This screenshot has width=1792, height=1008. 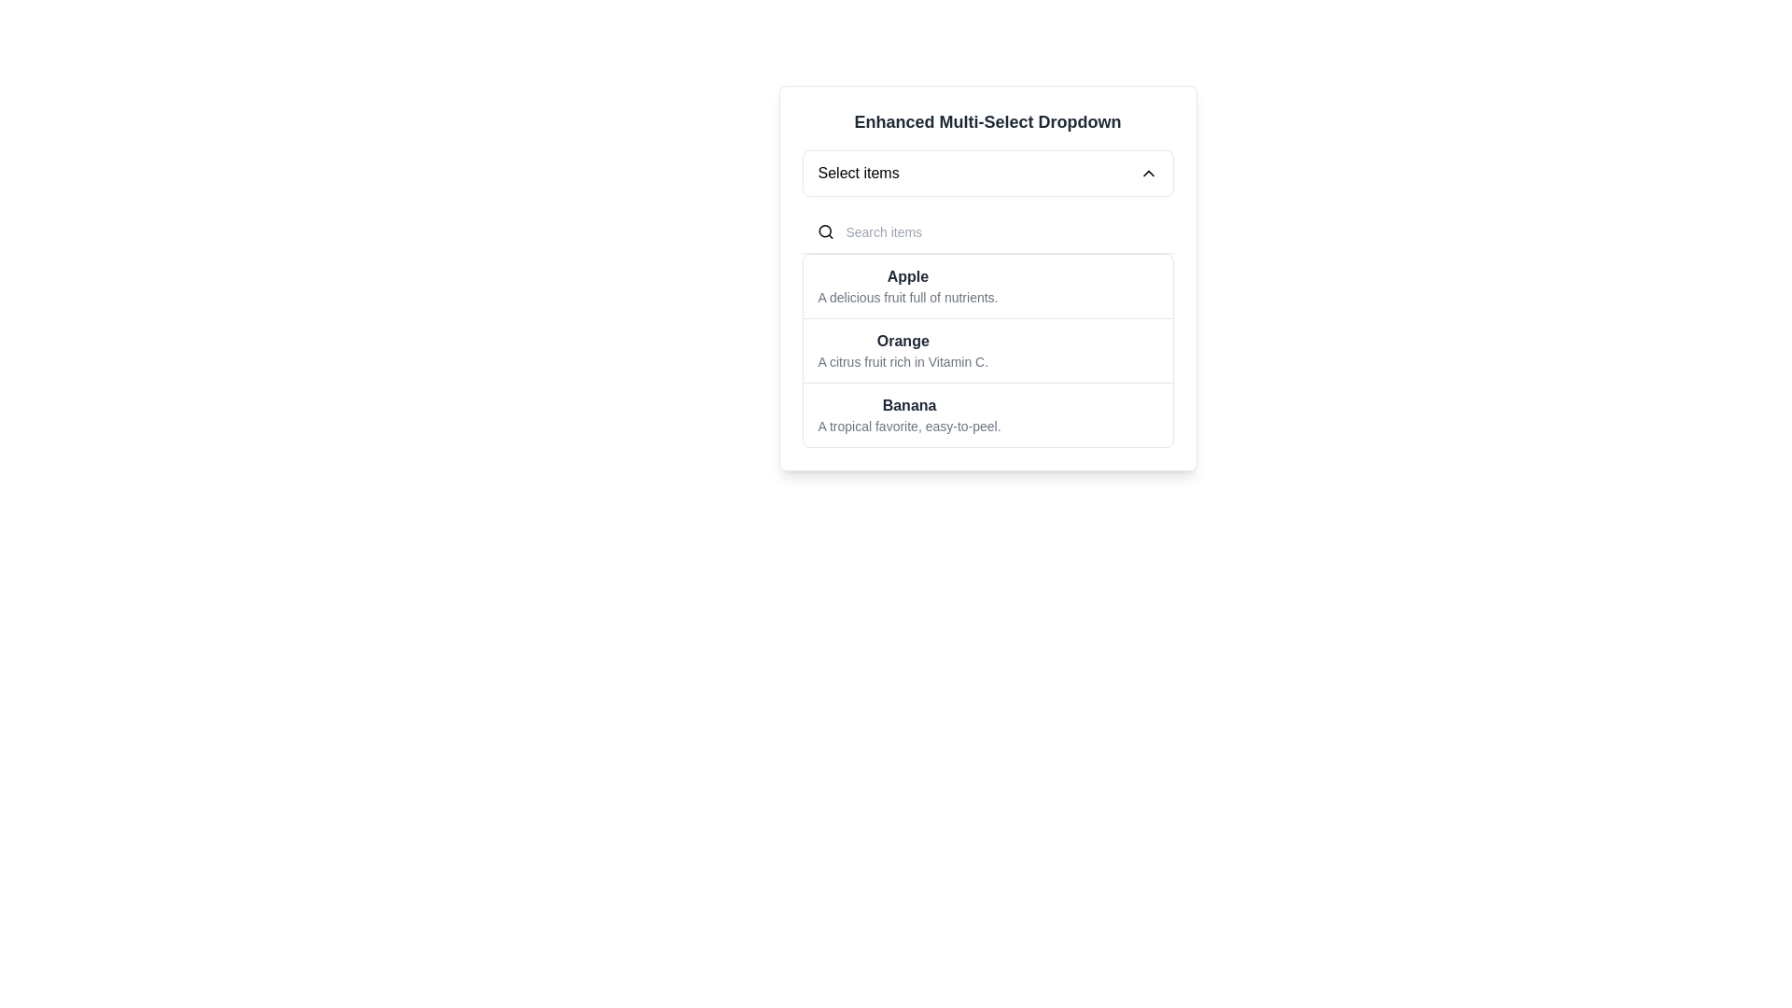 I want to click on the central circle of the search icon located in the dropdown list UI near the input field labeled 'Search items', so click(x=824, y=231).